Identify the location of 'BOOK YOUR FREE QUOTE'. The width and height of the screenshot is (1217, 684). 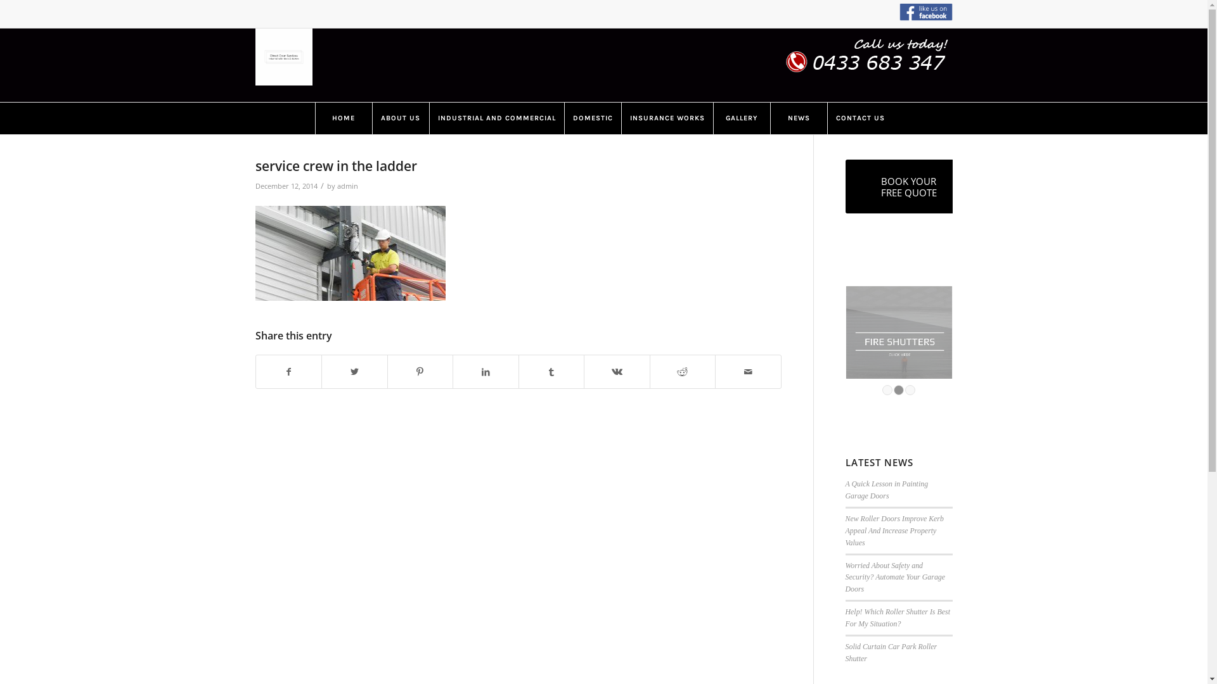
(908, 186).